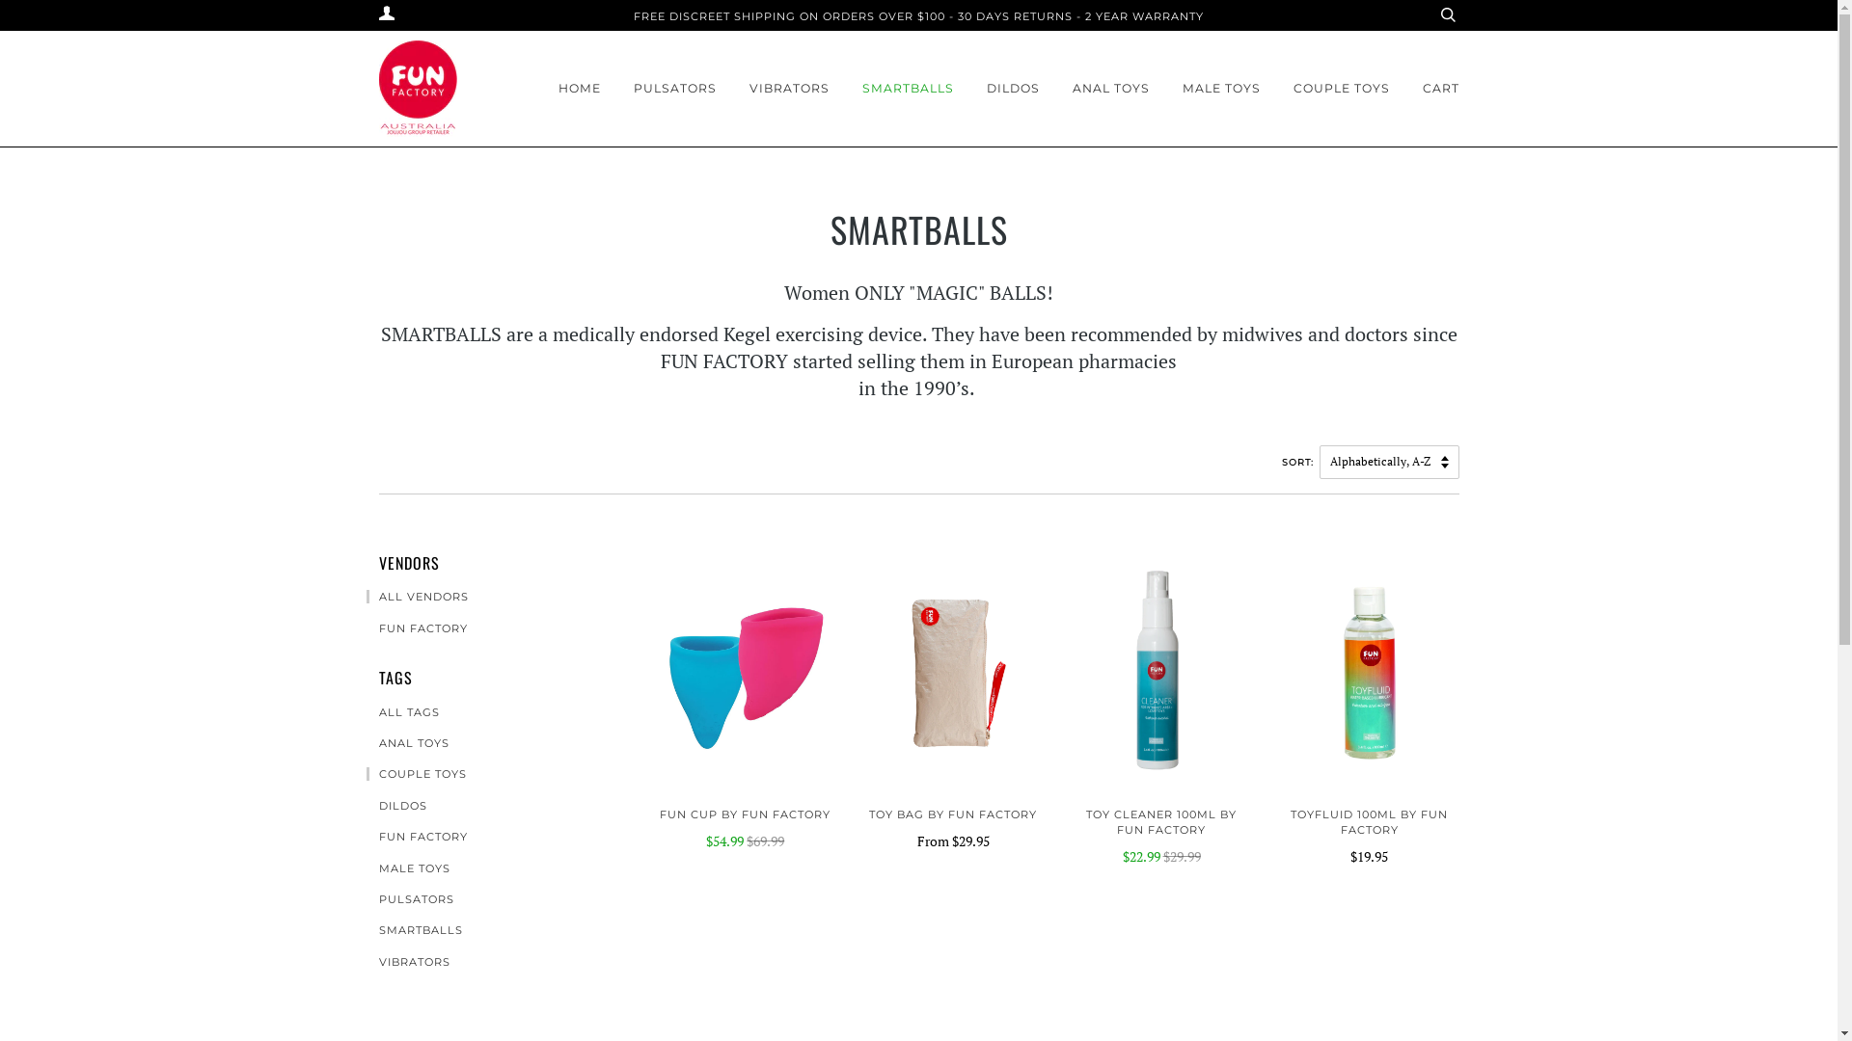  What do you see at coordinates (1369, 836) in the screenshot?
I see `'TOYFLUID 100ML BY FUN FACTORY` at bounding box center [1369, 836].